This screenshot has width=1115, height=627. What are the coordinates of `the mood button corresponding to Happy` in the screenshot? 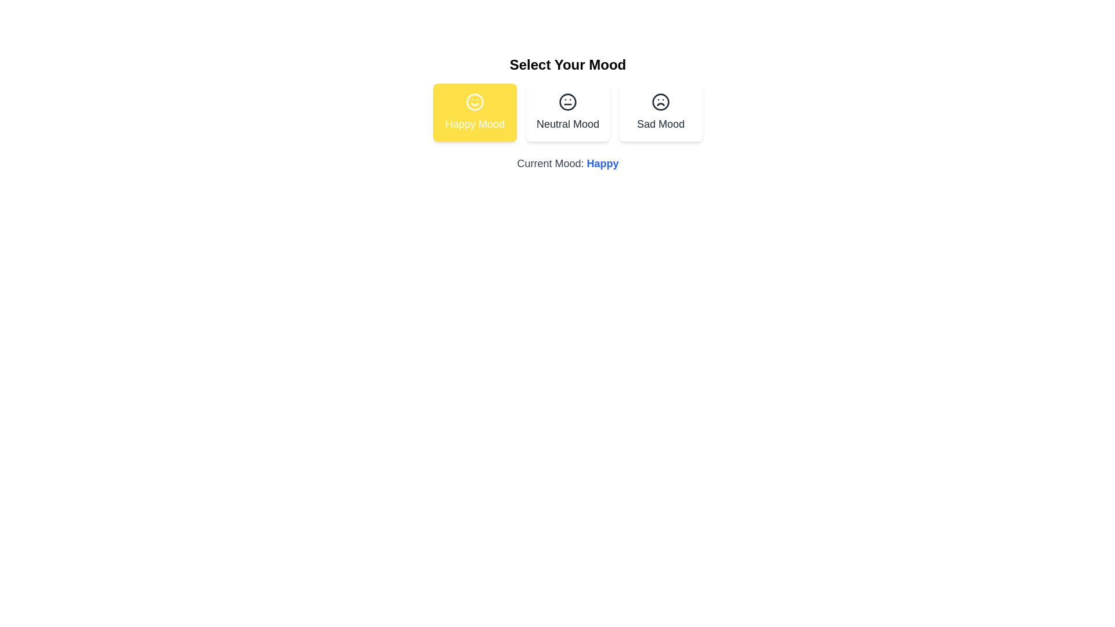 It's located at (474, 112).